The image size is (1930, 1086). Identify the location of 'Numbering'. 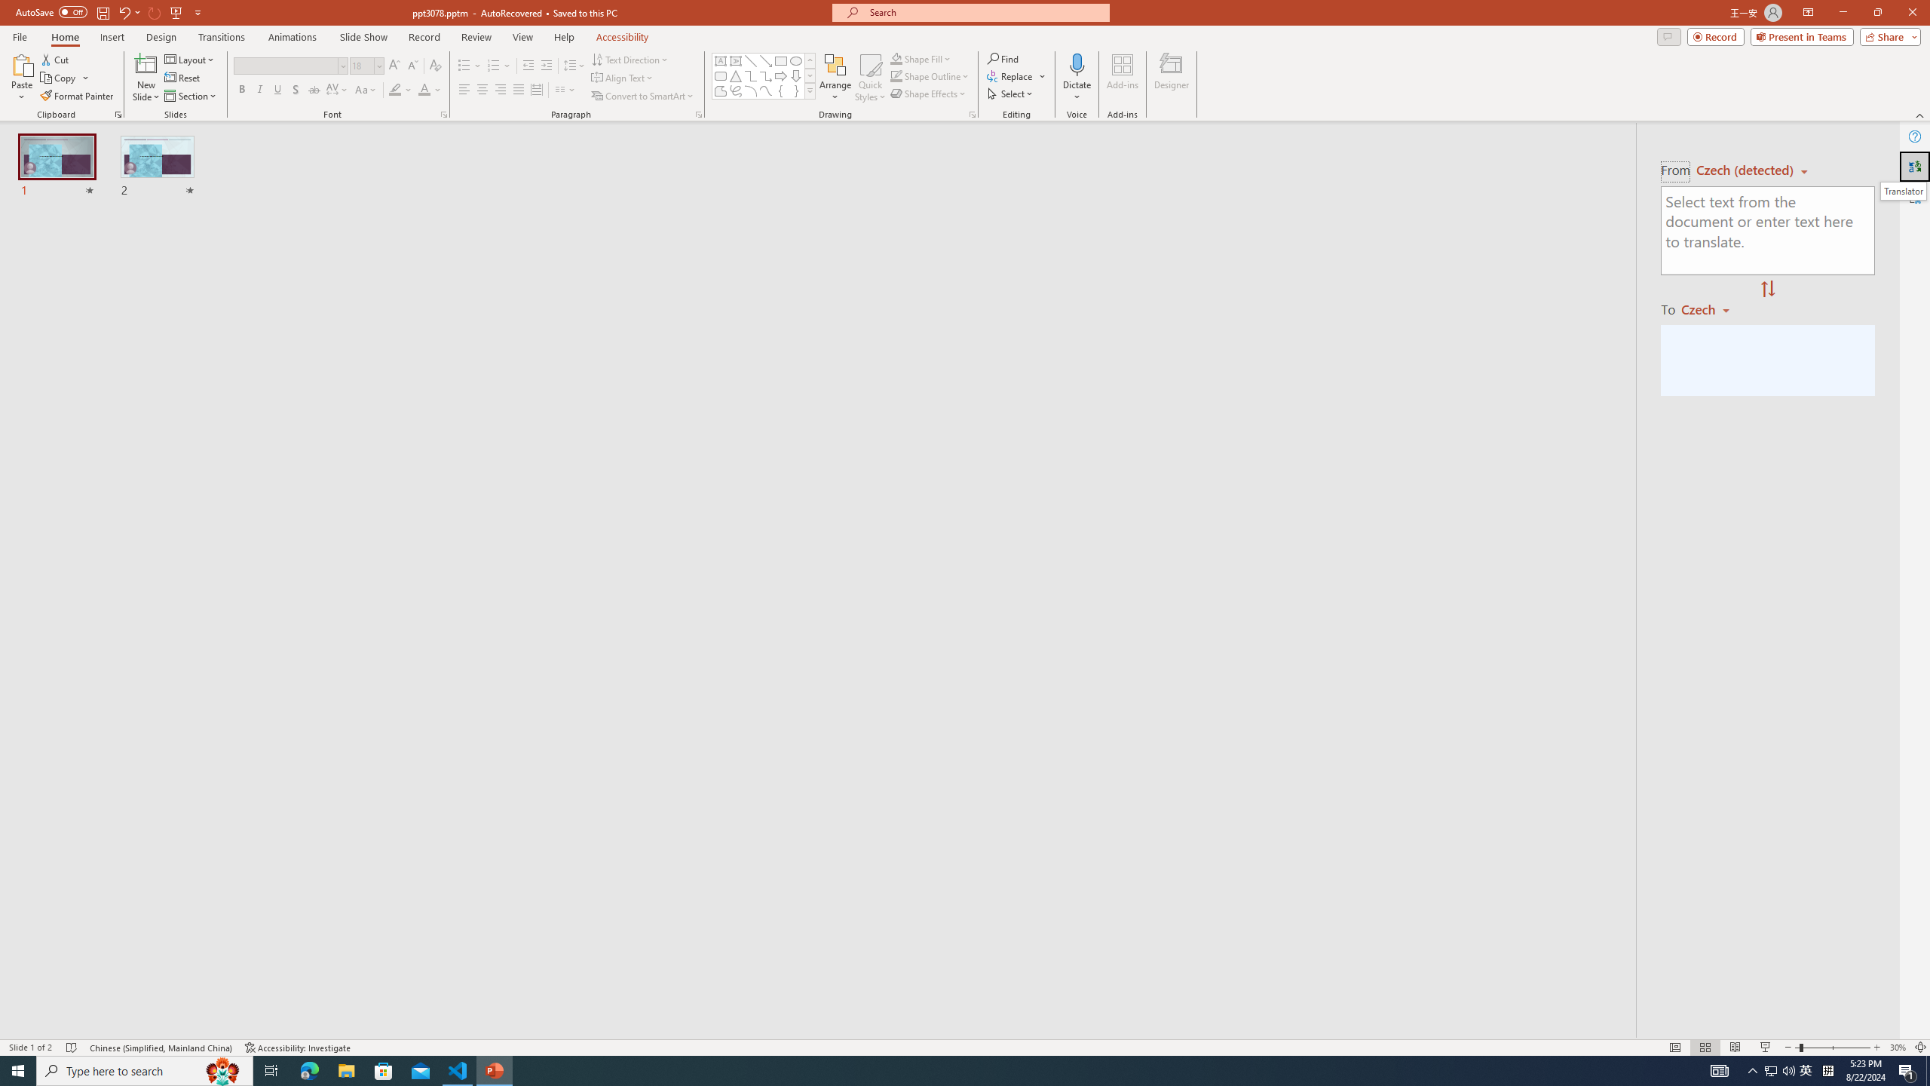
(500, 66).